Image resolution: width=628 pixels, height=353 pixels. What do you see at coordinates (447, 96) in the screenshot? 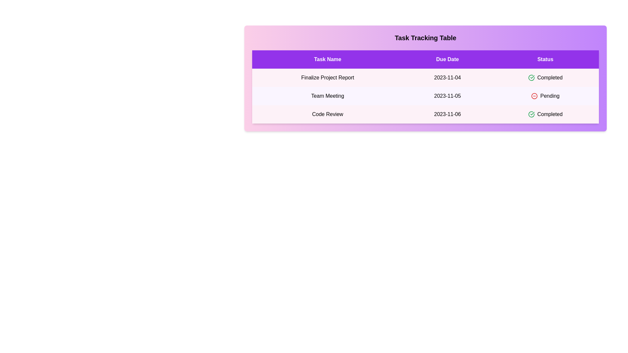
I see `the text '2023-11-05' in the table cell` at bounding box center [447, 96].